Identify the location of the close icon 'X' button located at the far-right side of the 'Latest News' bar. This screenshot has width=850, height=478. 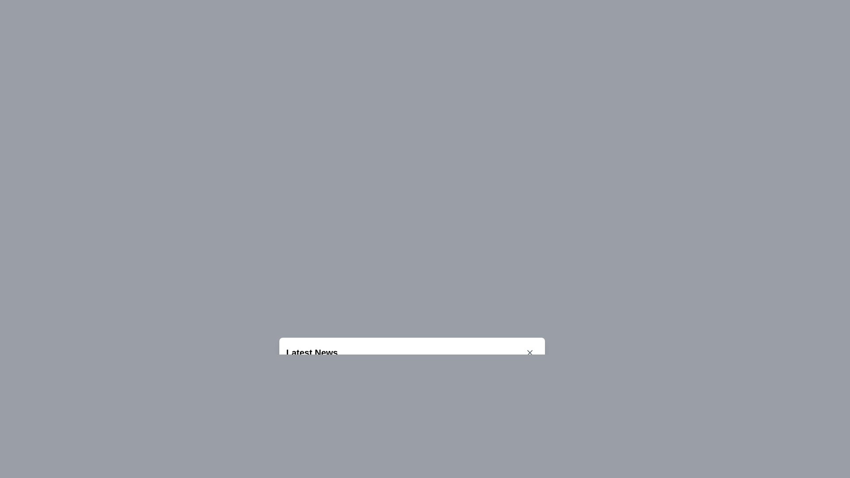
(529, 352).